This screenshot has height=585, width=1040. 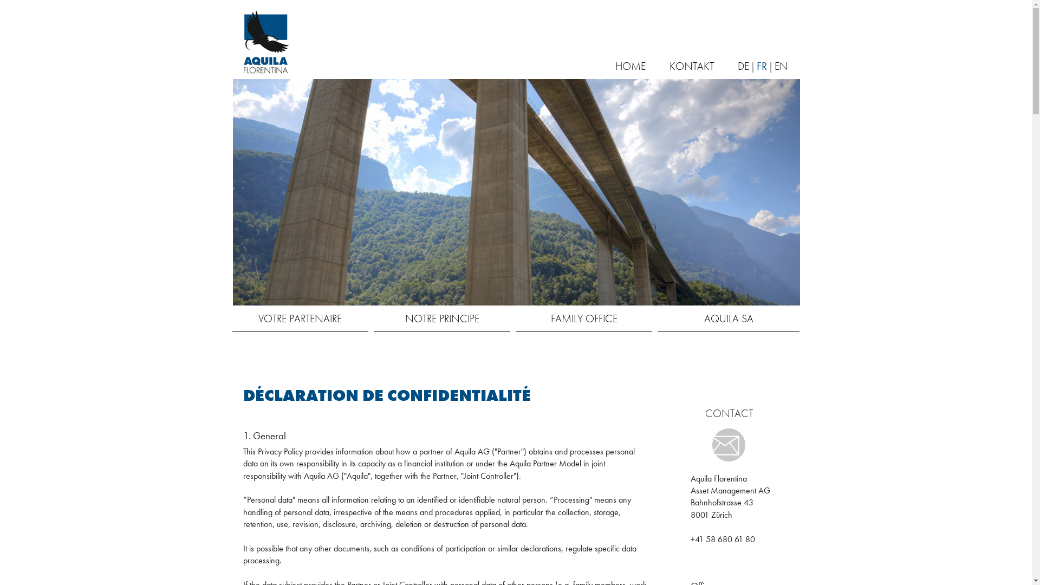 What do you see at coordinates (728, 318) in the screenshot?
I see `'AQUILA SA'` at bounding box center [728, 318].